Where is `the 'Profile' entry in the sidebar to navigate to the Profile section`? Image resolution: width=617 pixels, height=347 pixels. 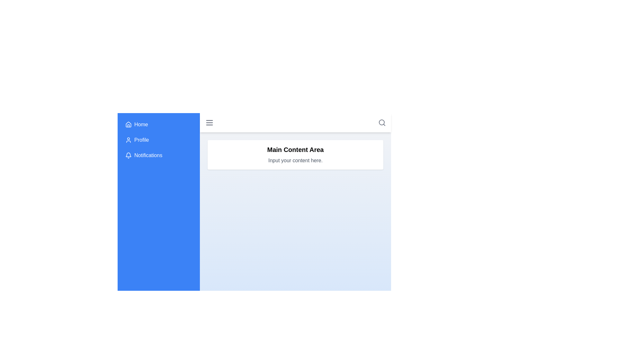 the 'Profile' entry in the sidebar to navigate to the Profile section is located at coordinates (159, 139).